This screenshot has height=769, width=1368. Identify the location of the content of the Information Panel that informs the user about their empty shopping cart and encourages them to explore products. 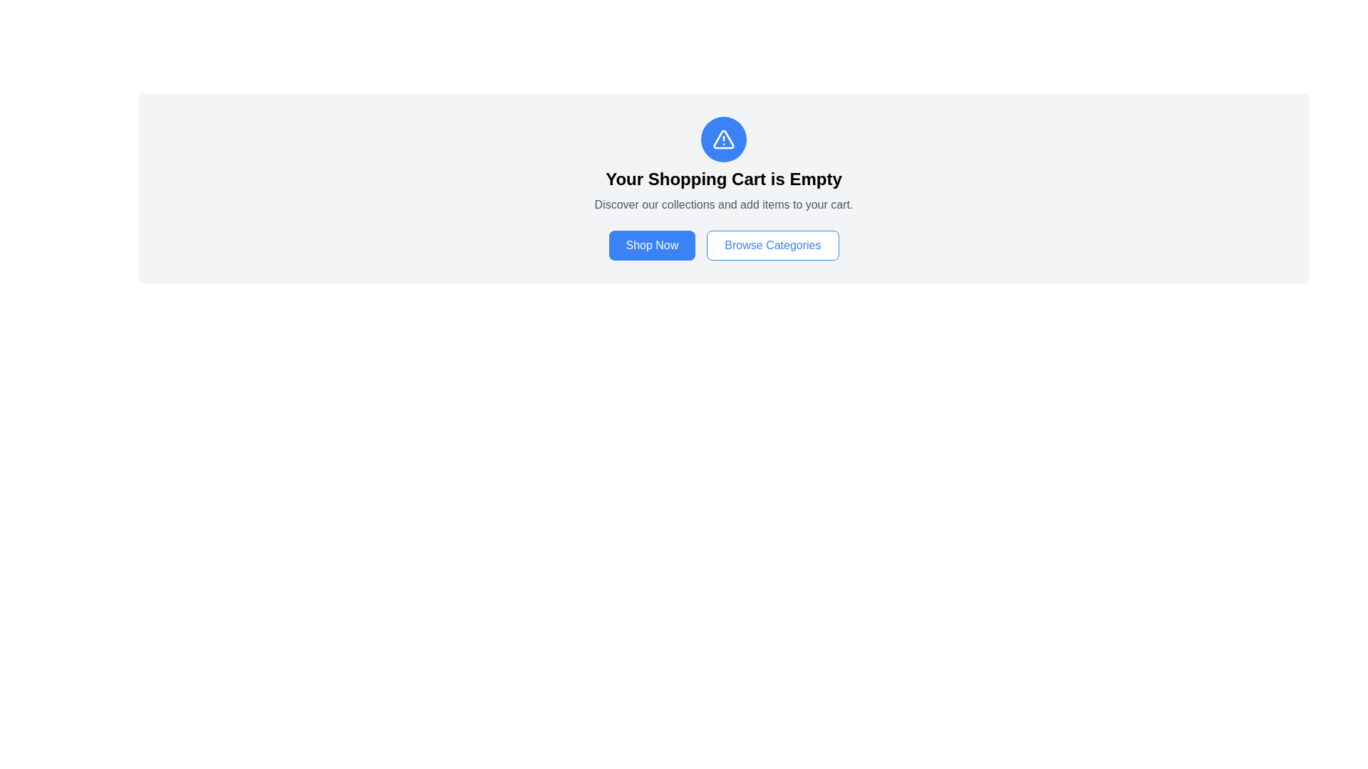
(724, 164).